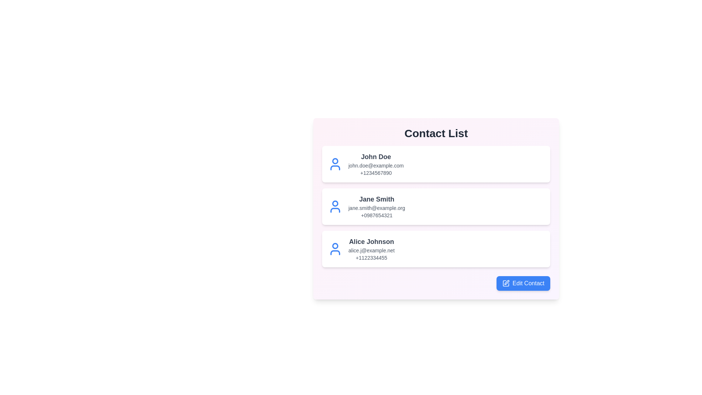 The height and width of the screenshot is (395, 702). What do you see at coordinates (436, 163) in the screenshot?
I see `the contact John Doe to highlight it` at bounding box center [436, 163].